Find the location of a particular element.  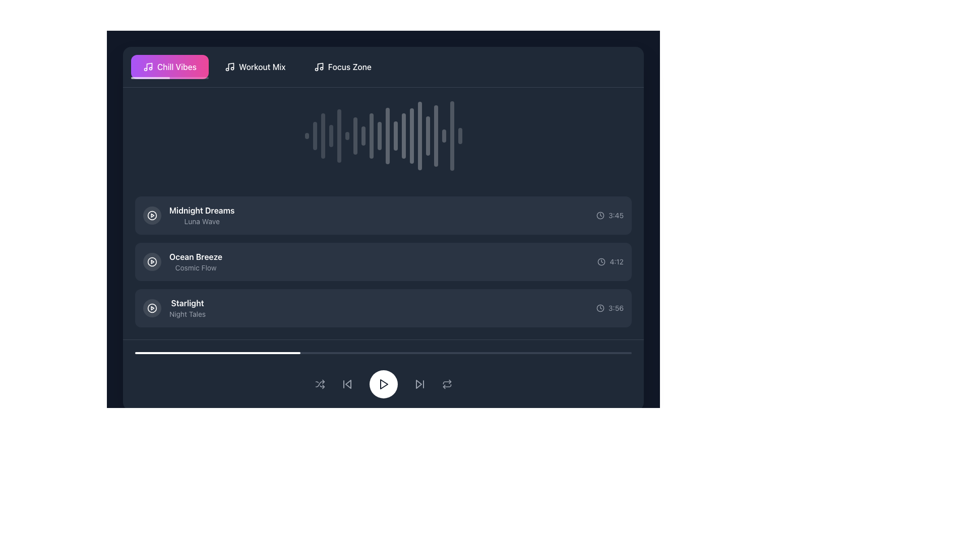

vertical line element of the music note icon, which is a decorative graphical line segment located near the upper-left corner of the interface, just left of the 'Chill Vibes' label is located at coordinates (320, 66).